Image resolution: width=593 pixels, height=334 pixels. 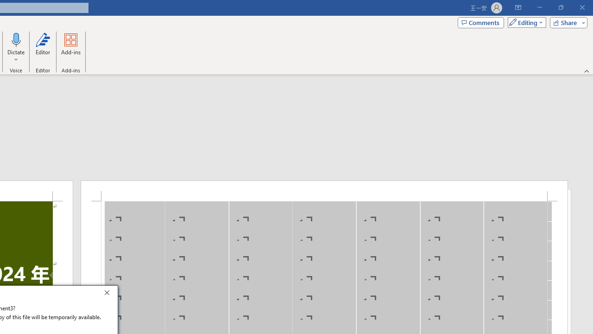 I want to click on 'Mode', so click(x=525, y=22).